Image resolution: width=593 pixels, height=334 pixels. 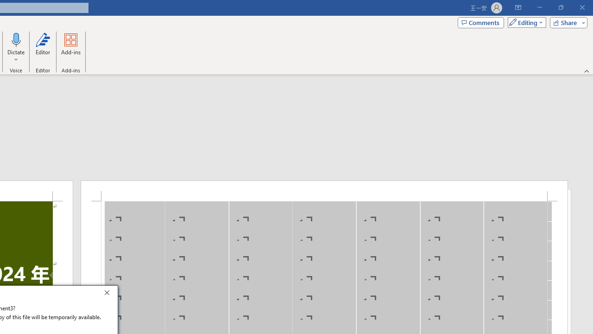 I want to click on 'Mode', so click(x=525, y=22).